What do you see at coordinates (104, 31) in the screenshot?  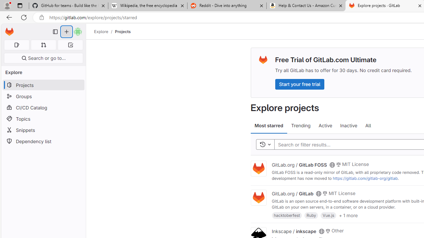 I see `'Explore/'` at bounding box center [104, 31].